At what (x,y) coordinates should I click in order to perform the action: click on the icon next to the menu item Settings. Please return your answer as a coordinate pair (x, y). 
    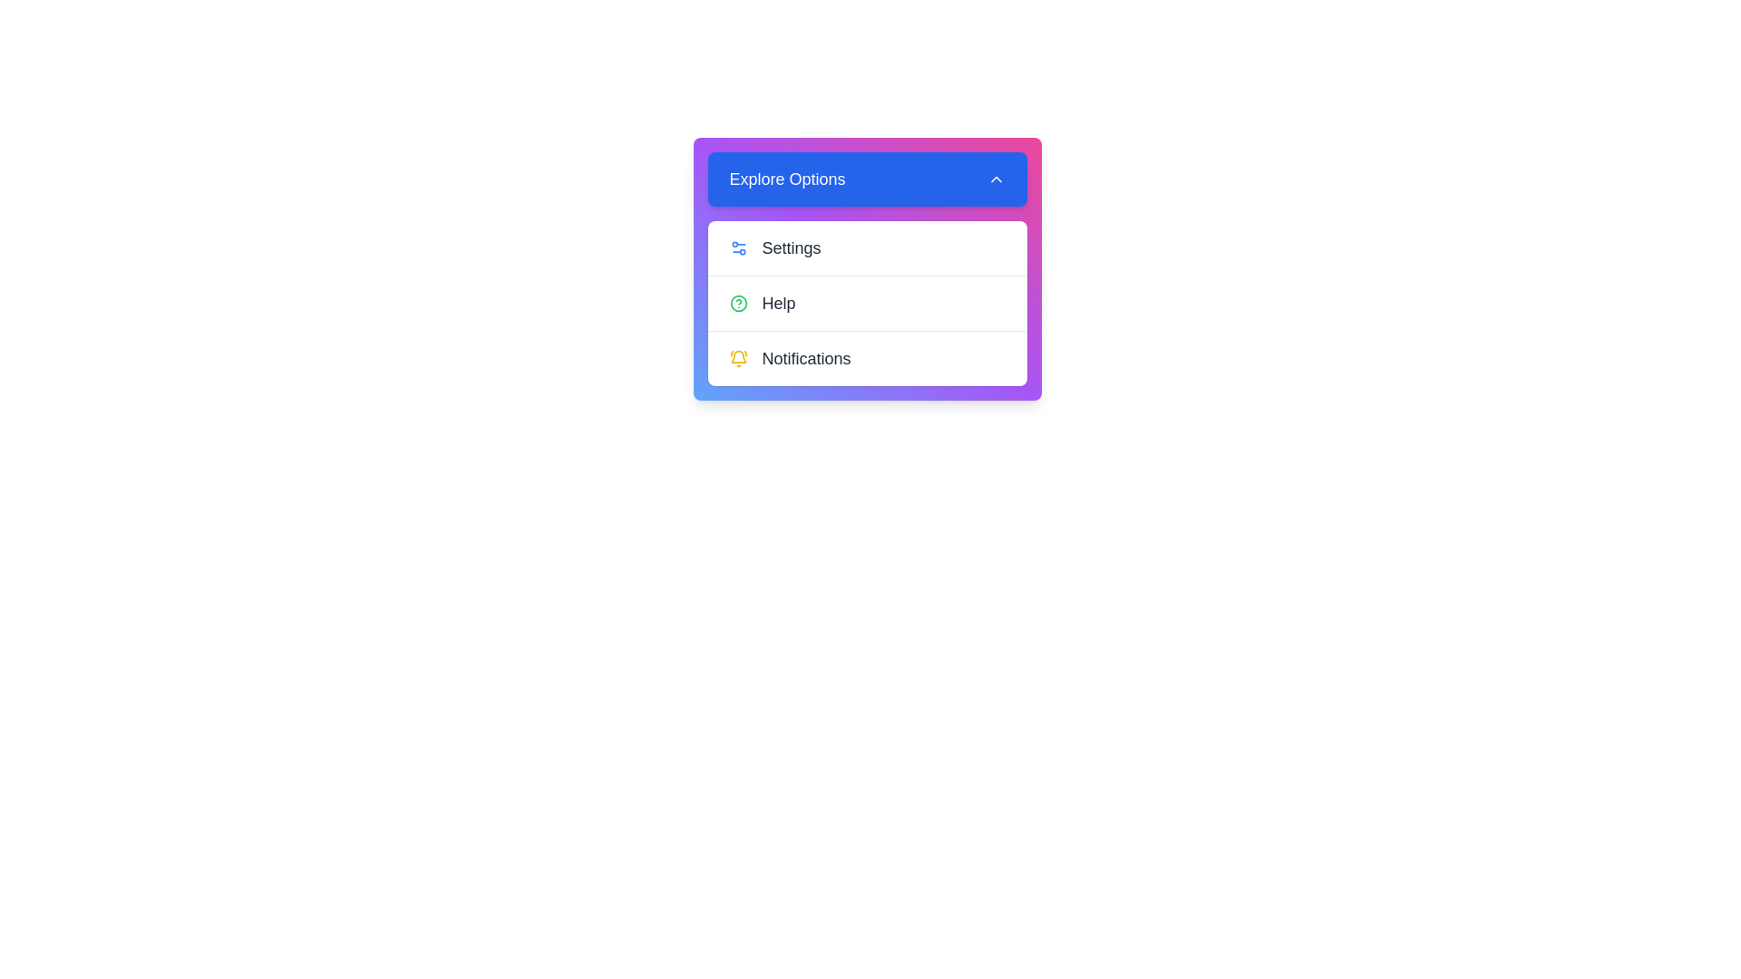
    Looking at the image, I should click on (738, 247).